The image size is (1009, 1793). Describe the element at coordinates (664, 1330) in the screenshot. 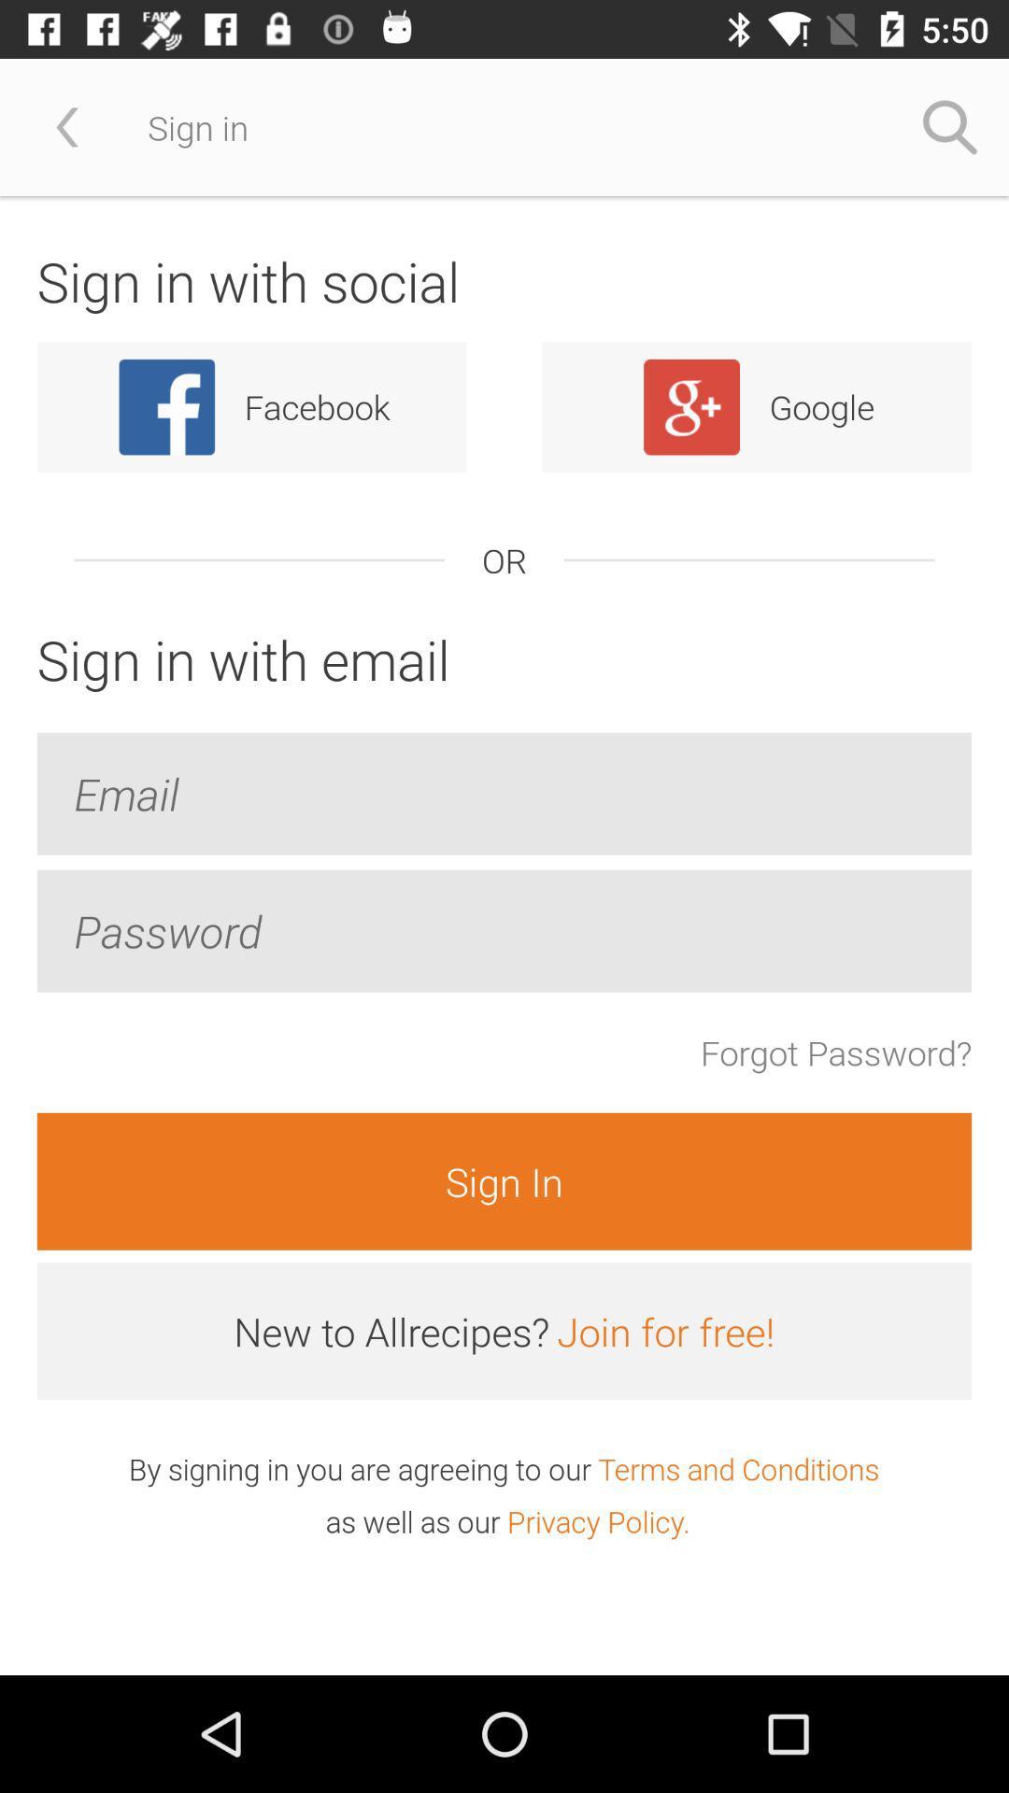

I see `the item below the sign in icon` at that location.